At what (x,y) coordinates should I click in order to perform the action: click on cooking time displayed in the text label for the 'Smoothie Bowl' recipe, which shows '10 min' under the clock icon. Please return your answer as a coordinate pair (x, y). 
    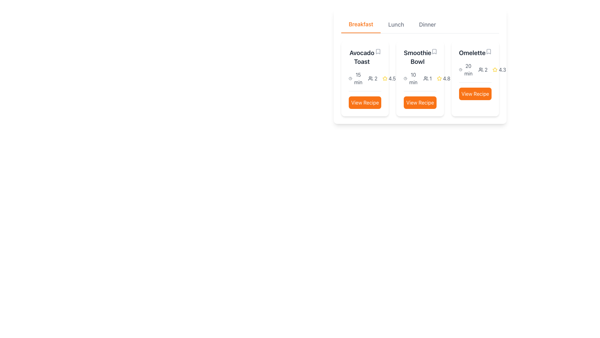
    Looking at the image, I should click on (413, 78).